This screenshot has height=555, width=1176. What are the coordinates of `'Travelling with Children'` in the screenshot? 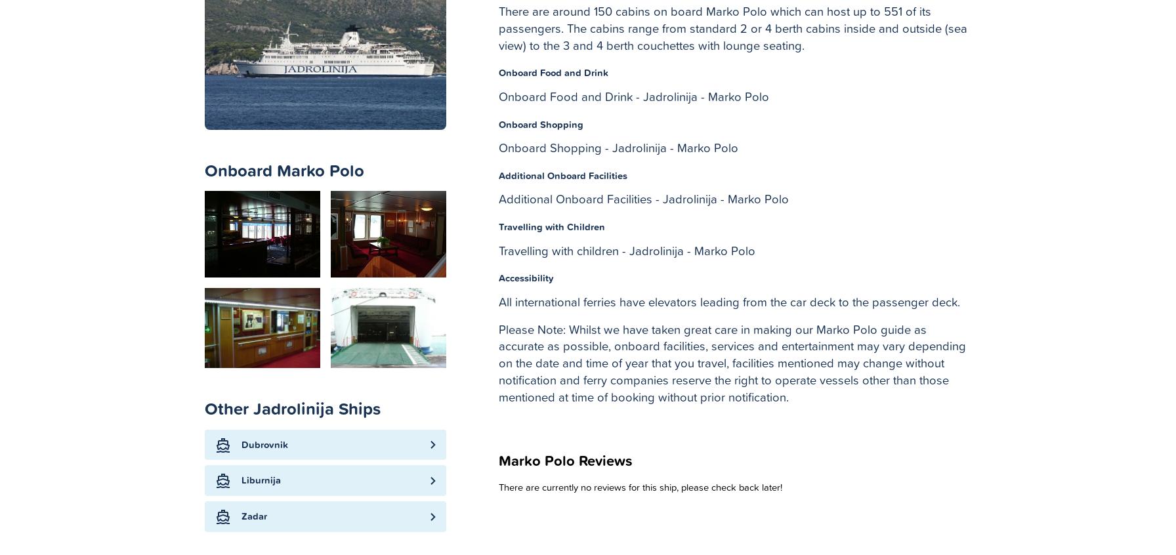 It's located at (551, 226).